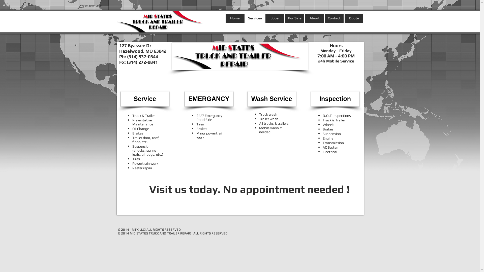  I want to click on 'Contact', so click(334, 18).